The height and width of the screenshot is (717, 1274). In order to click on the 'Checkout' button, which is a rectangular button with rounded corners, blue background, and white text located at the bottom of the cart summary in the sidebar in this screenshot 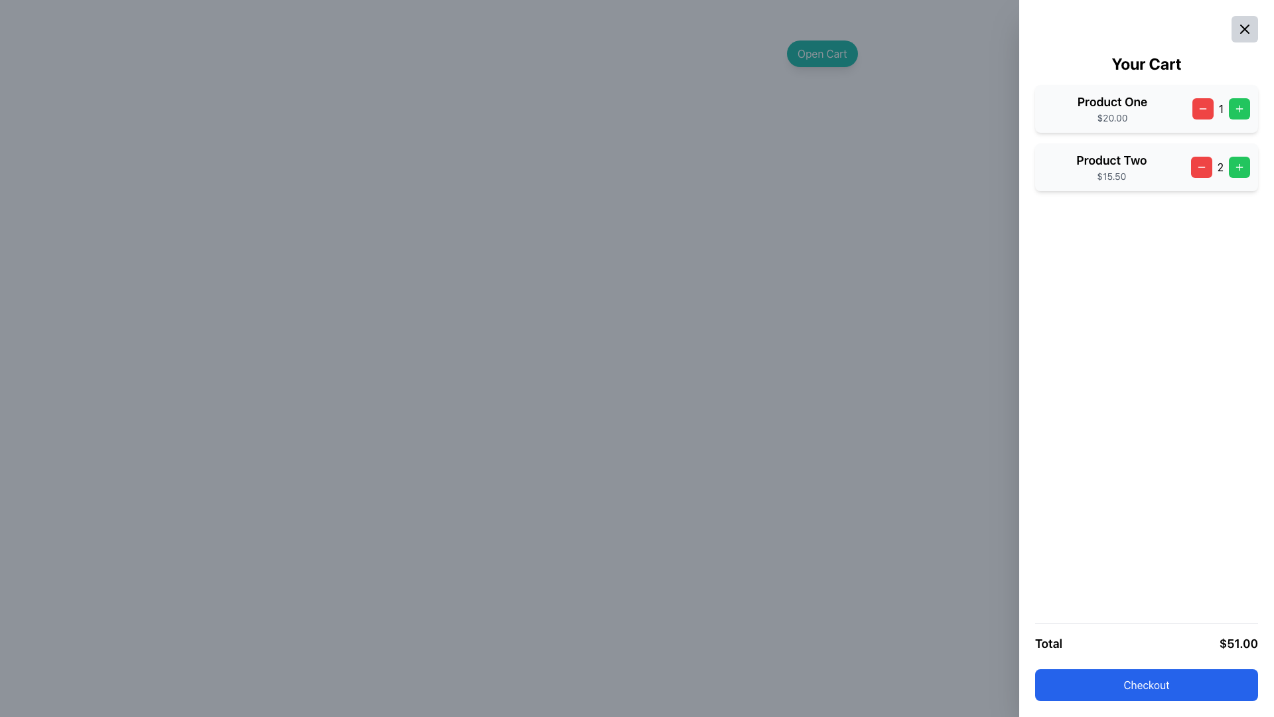, I will do `click(1146, 685)`.